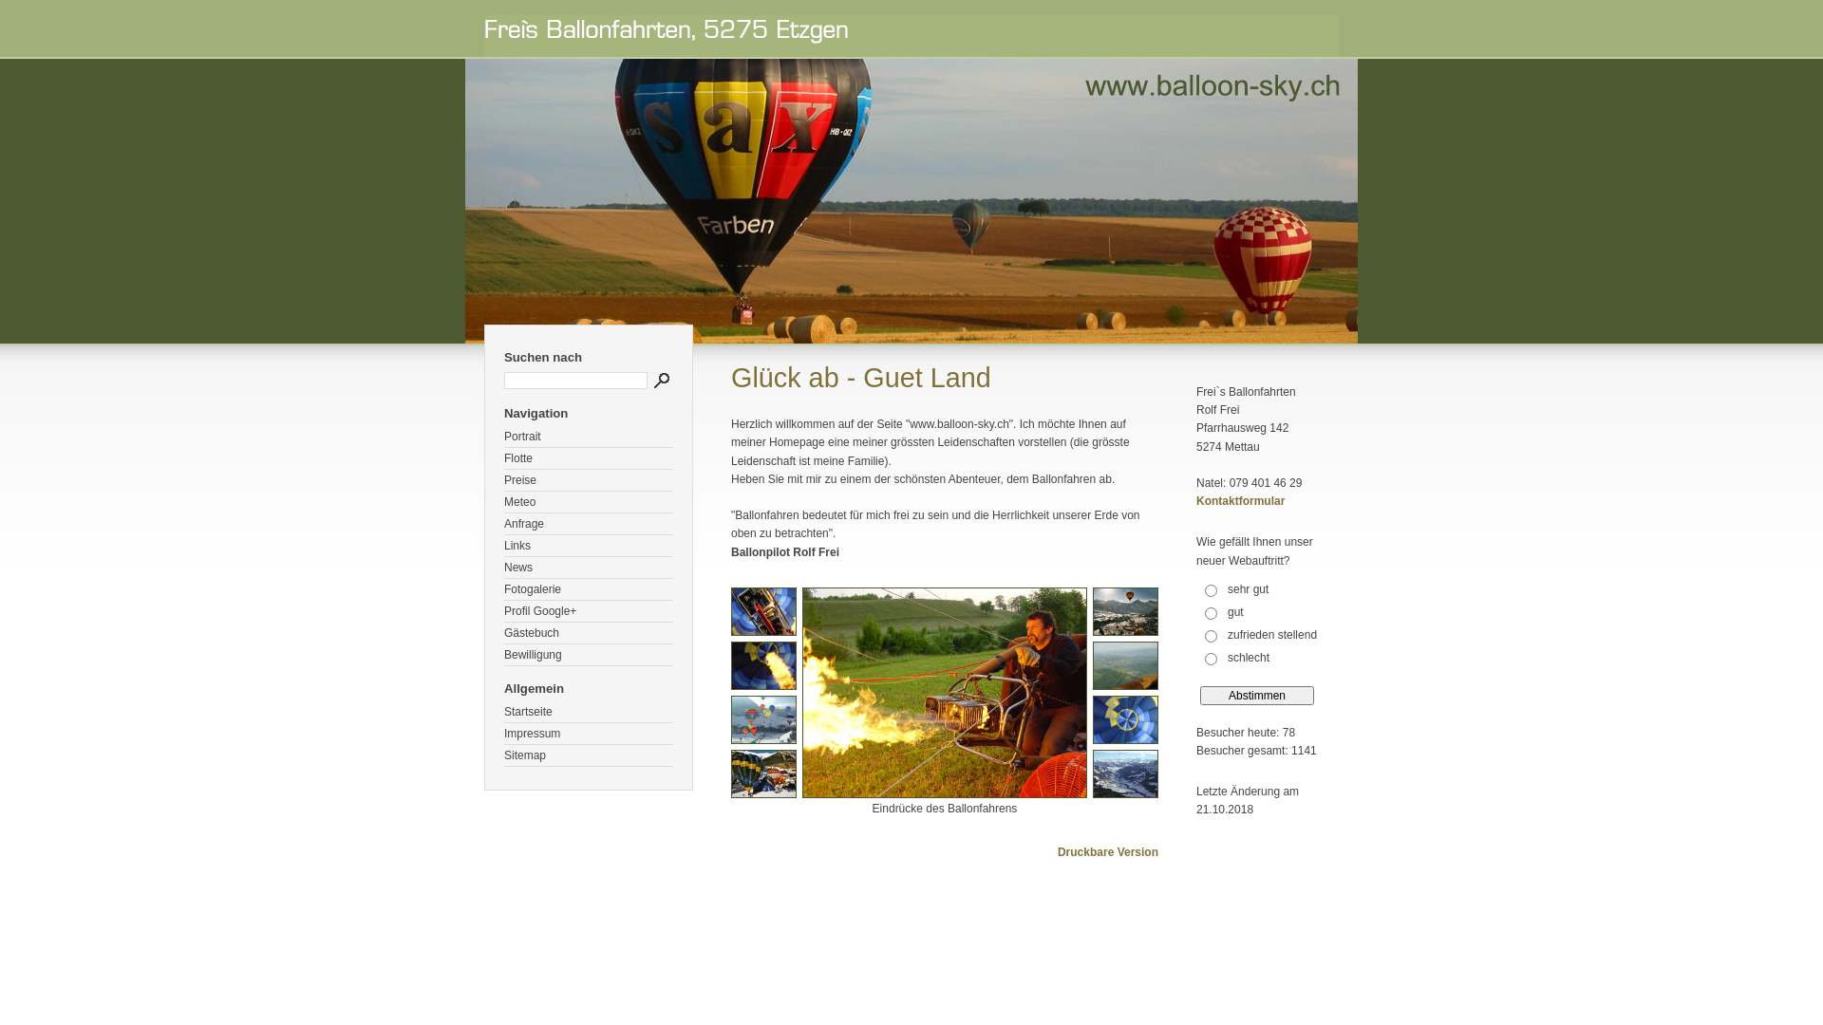  What do you see at coordinates (587, 733) in the screenshot?
I see `'Impressum'` at bounding box center [587, 733].